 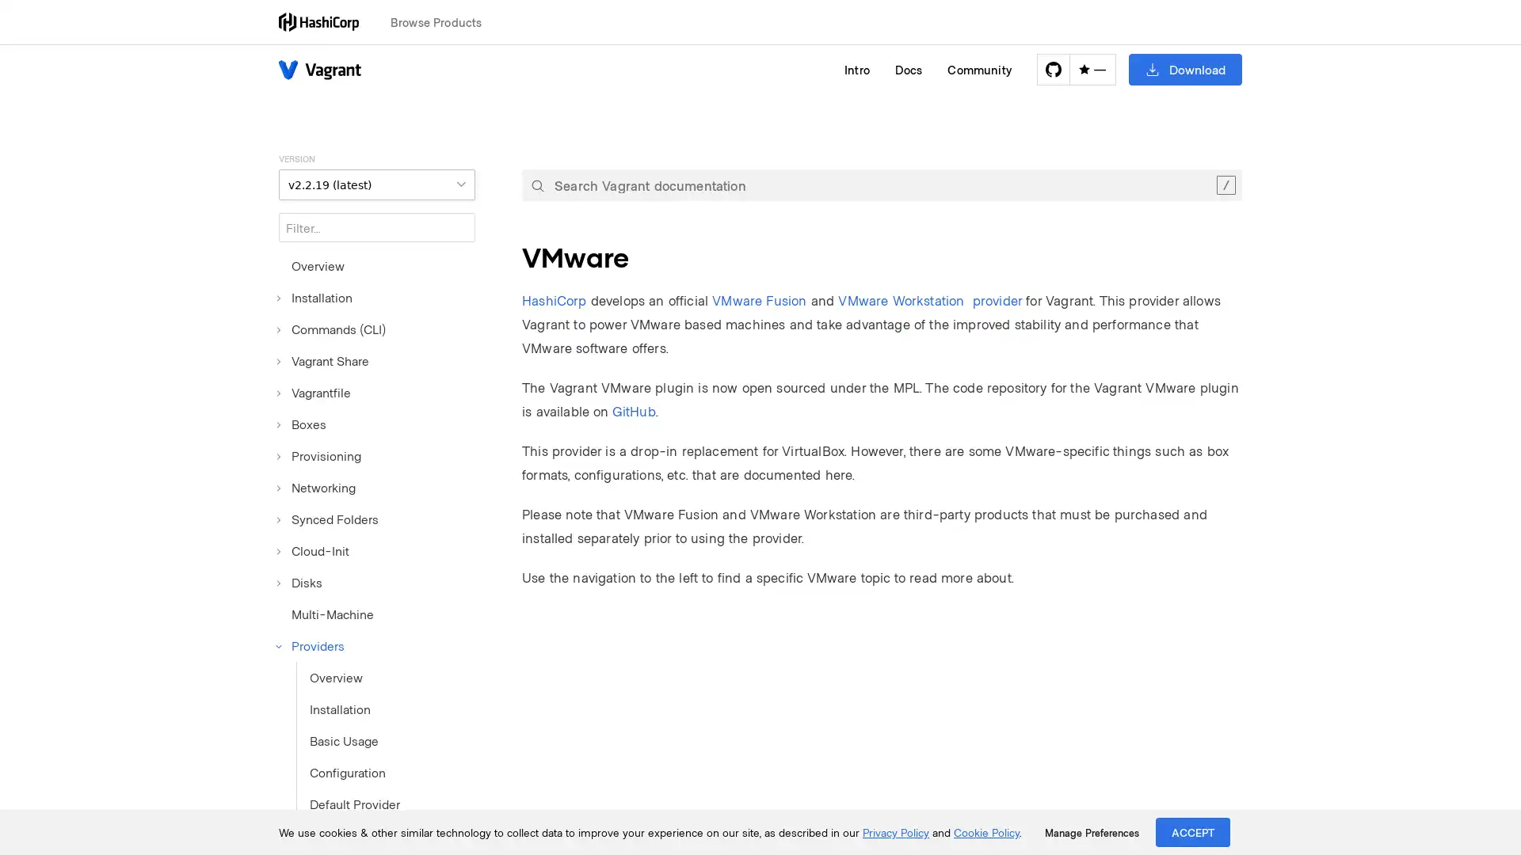 I want to click on ACCEPT, so click(x=1193, y=831).